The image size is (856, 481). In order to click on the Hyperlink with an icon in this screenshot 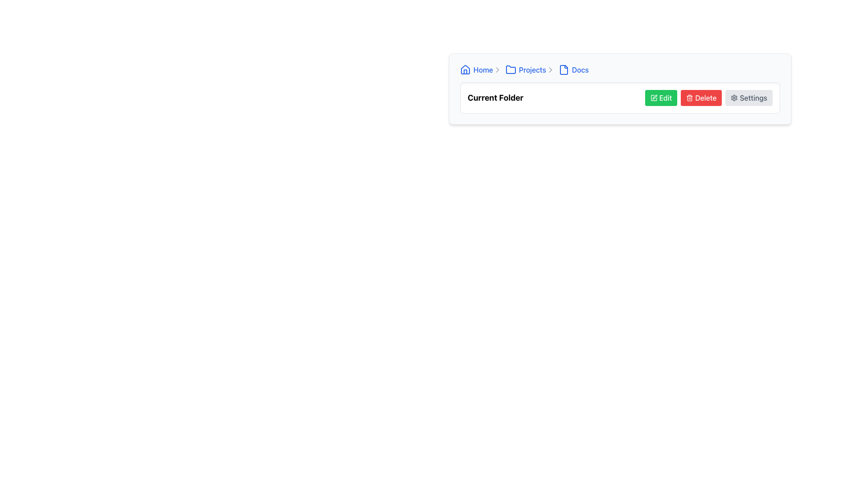, I will do `click(476, 69)`.